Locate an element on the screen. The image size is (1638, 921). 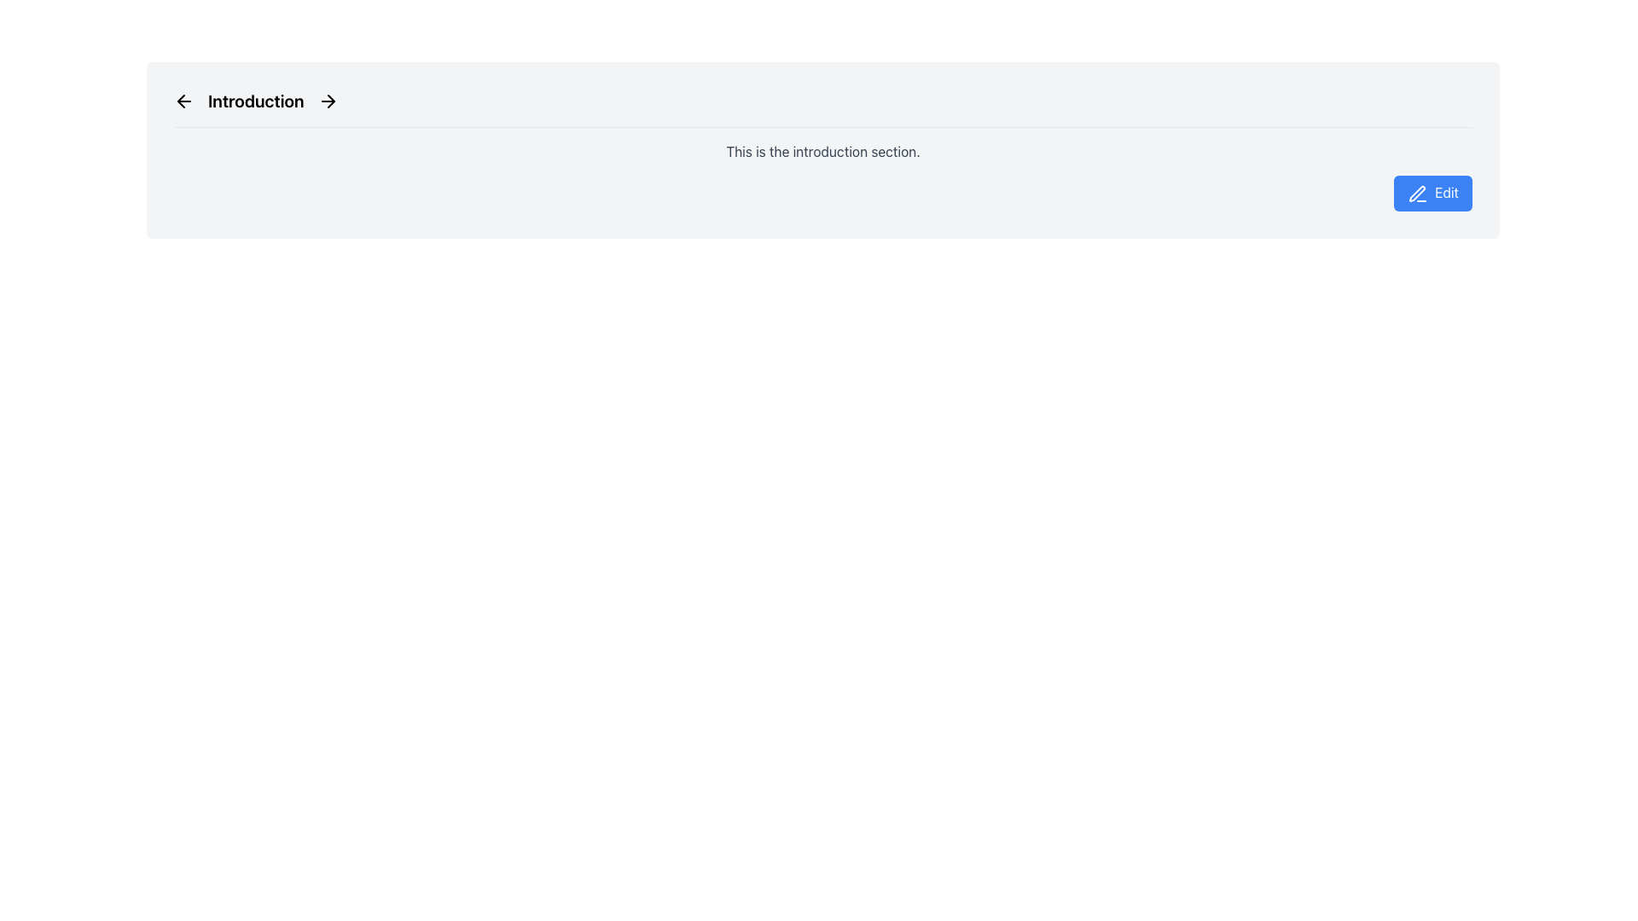
the blue 'Edit' button with white text and a pen icon on its left is located at coordinates (1433, 192).